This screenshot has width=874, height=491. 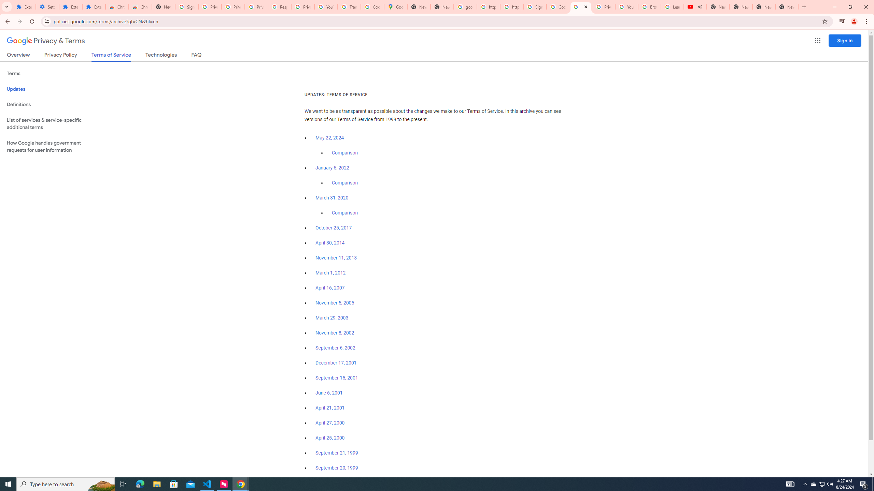 What do you see at coordinates (330, 243) in the screenshot?
I see `'April 30, 2014'` at bounding box center [330, 243].